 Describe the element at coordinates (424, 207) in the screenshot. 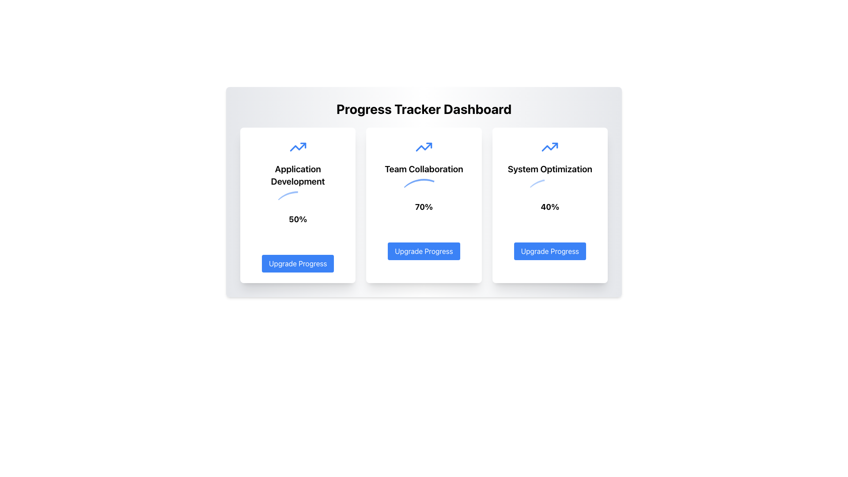

I see `the Circular progress indicator in the 'Team Collaboration' card on the 'Progress Tracker Dashboard', which is located above the 'Upgrade Progress' blue button` at that location.